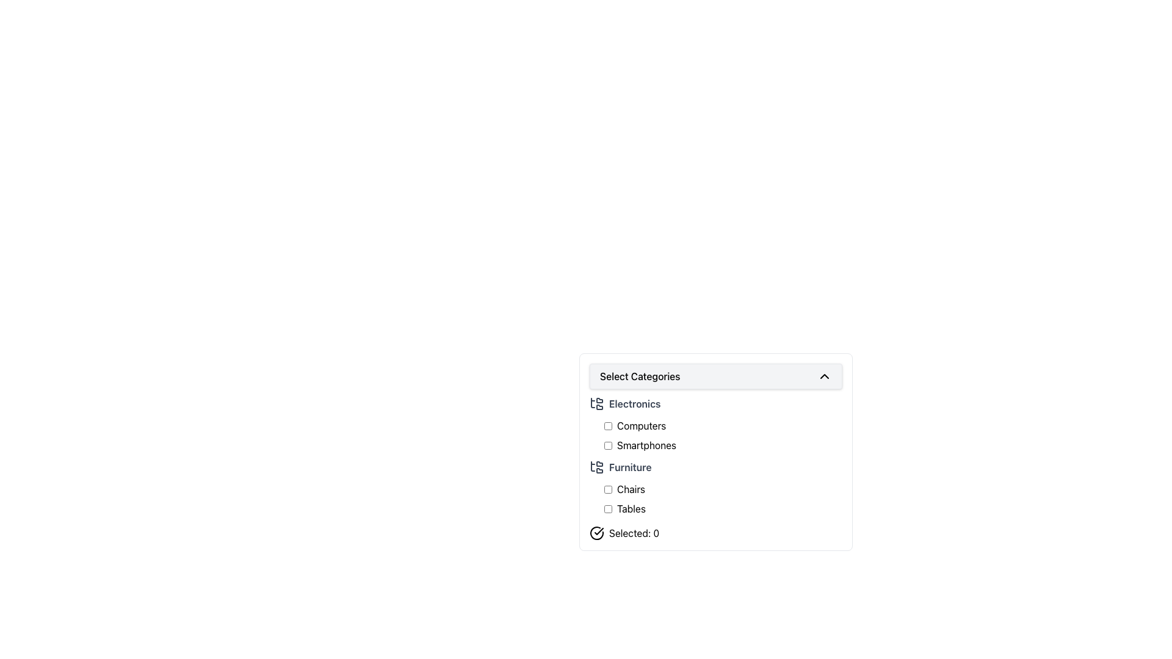  I want to click on the checkboxes in the 'Furniture' category group, so click(715, 489).